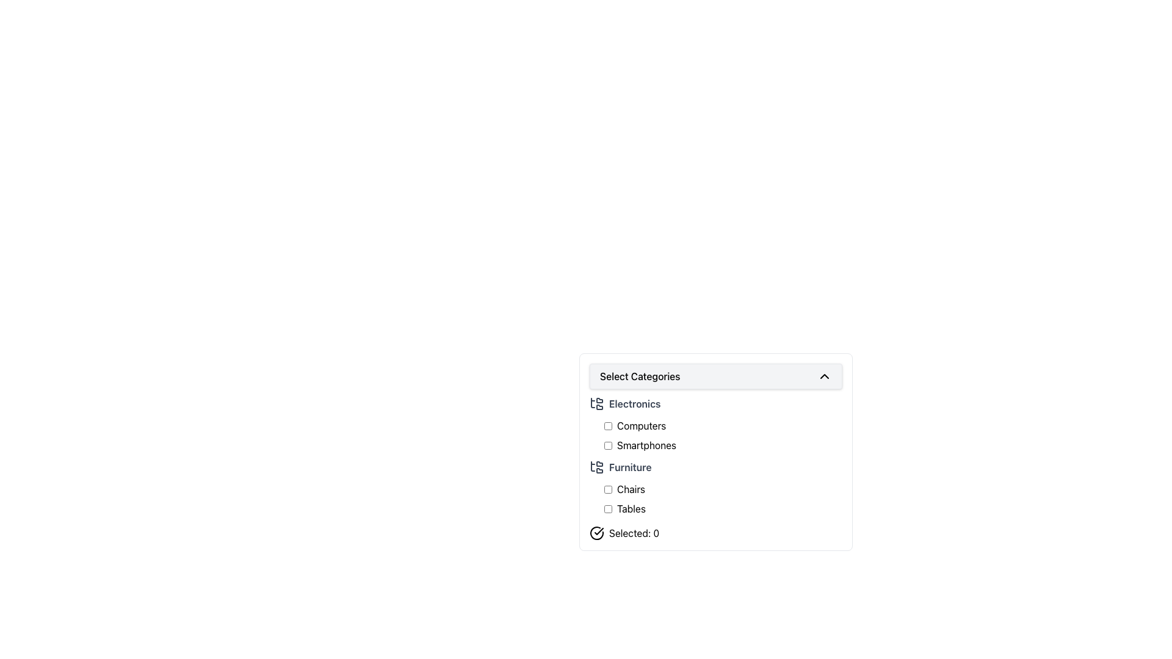  I want to click on the checkboxes in the 'Furniture' category group, so click(715, 489).